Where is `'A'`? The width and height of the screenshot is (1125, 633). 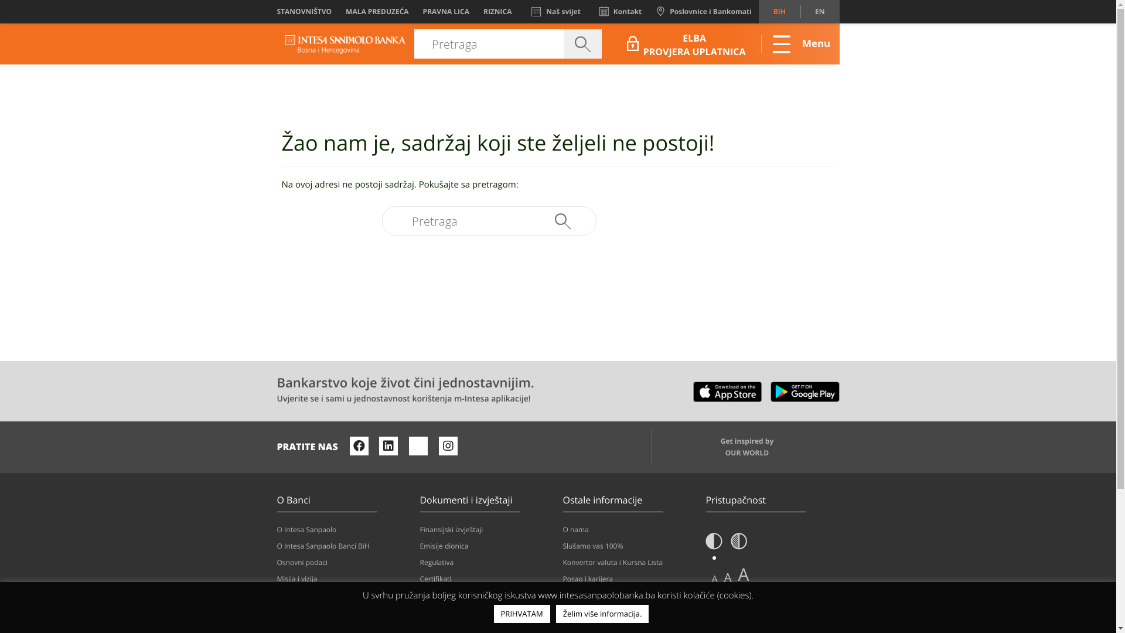 'A' is located at coordinates (743, 574).